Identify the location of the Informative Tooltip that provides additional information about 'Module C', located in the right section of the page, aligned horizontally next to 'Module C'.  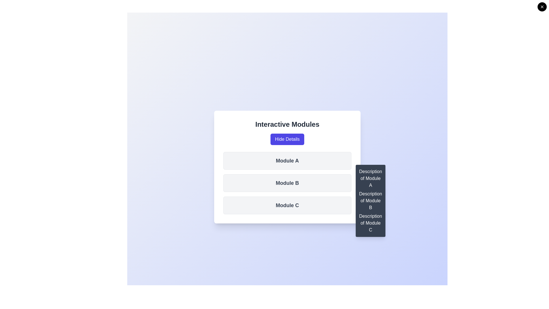
(371, 223).